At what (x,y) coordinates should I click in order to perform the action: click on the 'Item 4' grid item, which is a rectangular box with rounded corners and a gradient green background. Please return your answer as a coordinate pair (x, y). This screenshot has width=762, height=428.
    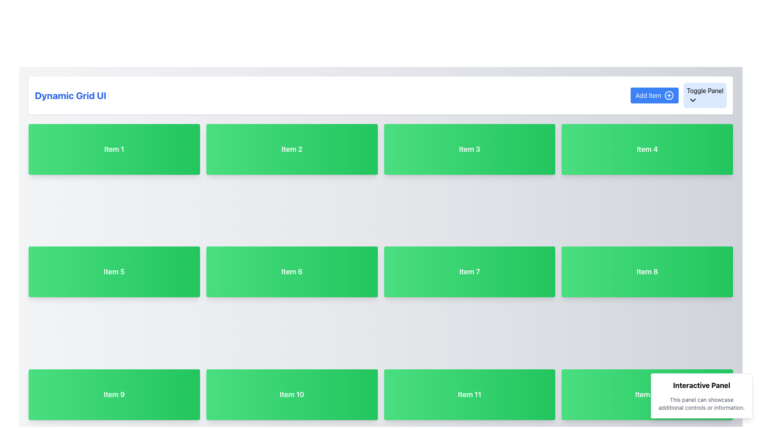
    Looking at the image, I should click on (647, 149).